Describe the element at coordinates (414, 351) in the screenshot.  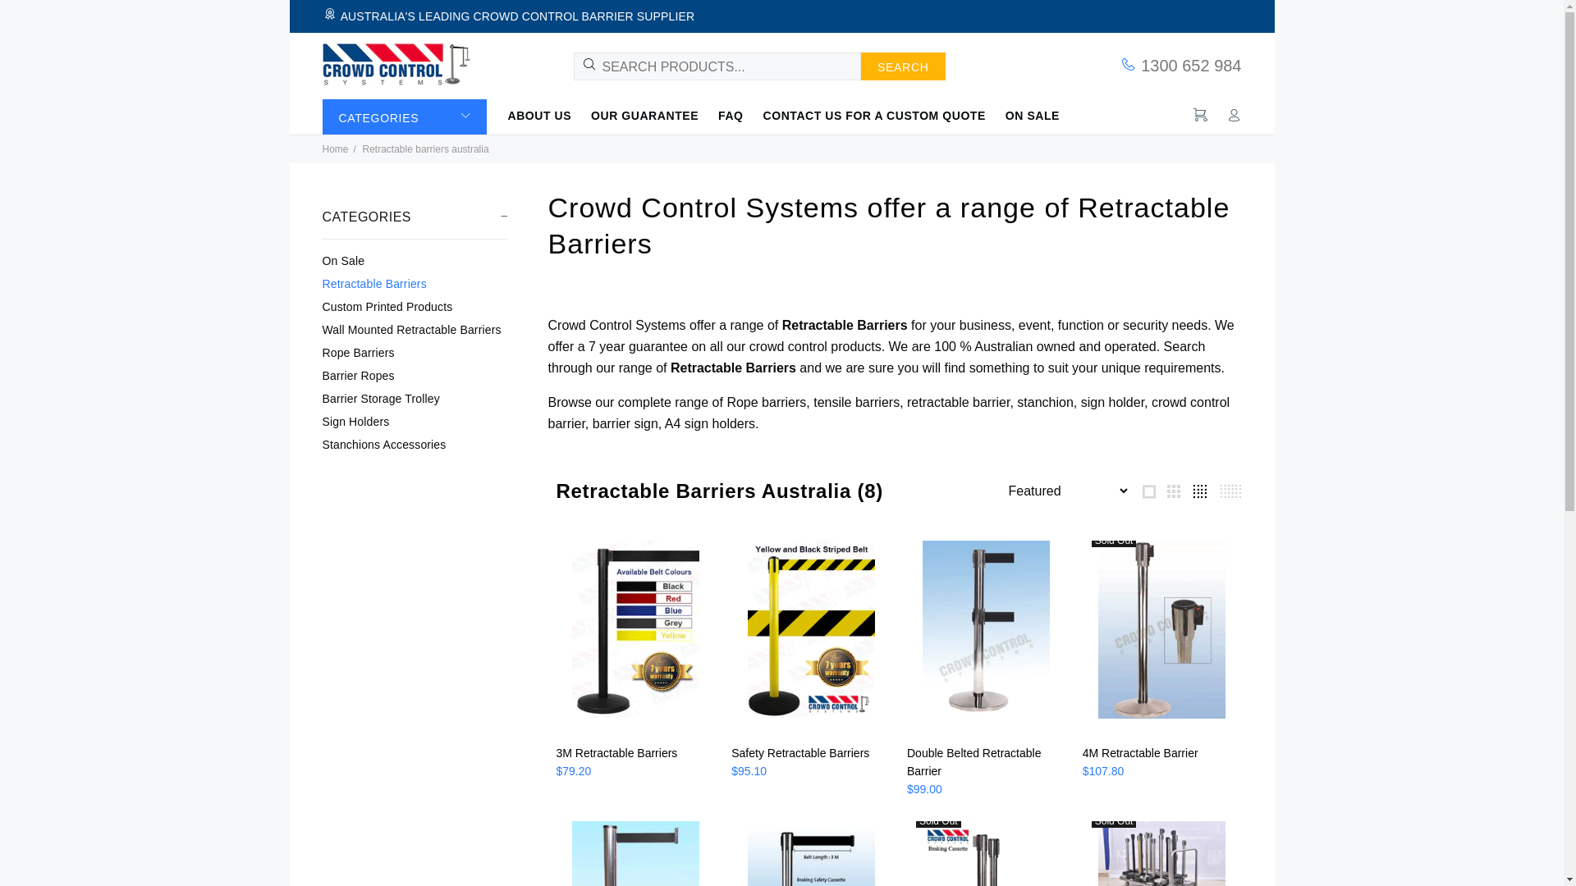
I see `'Rope Barriers'` at that location.